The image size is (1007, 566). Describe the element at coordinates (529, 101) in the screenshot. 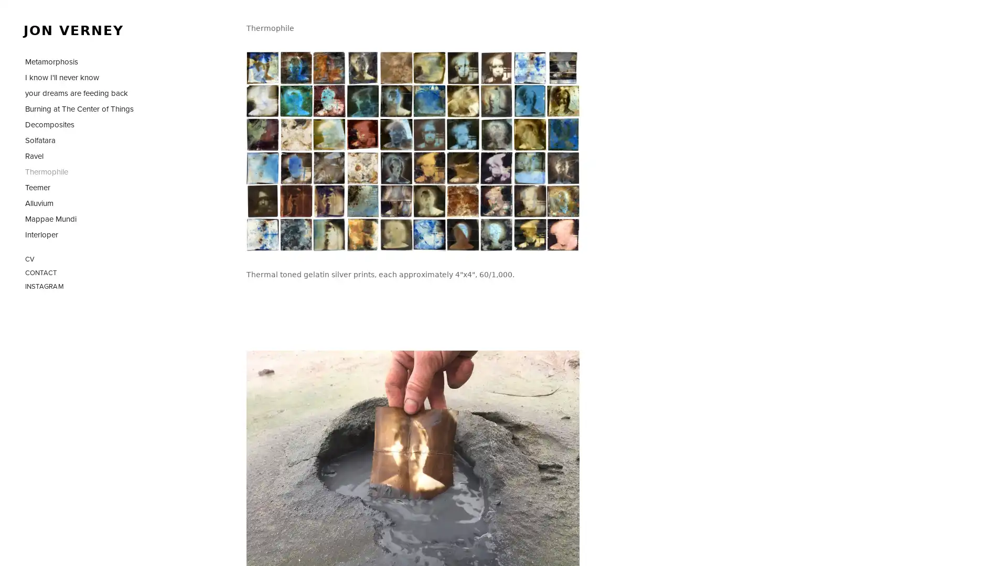

I see `View fullsize jon_verney_thermophile_40.jpg` at that location.